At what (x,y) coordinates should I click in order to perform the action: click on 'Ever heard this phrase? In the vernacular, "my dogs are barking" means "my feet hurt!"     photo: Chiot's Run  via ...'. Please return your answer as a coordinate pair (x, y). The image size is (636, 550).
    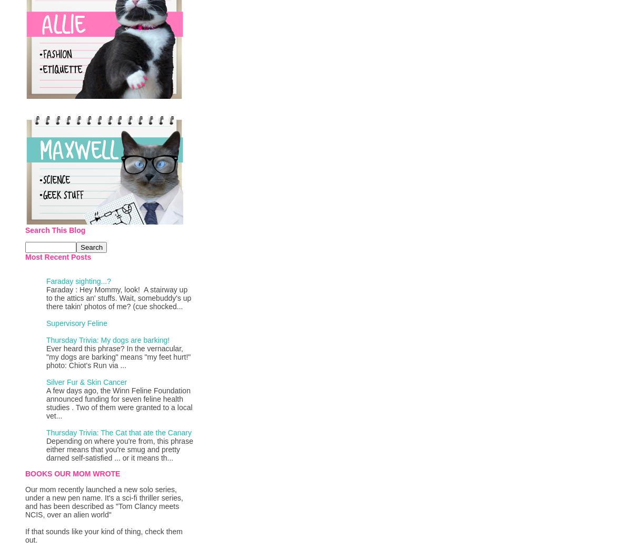
    Looking at the image, I should click on (118, 356).